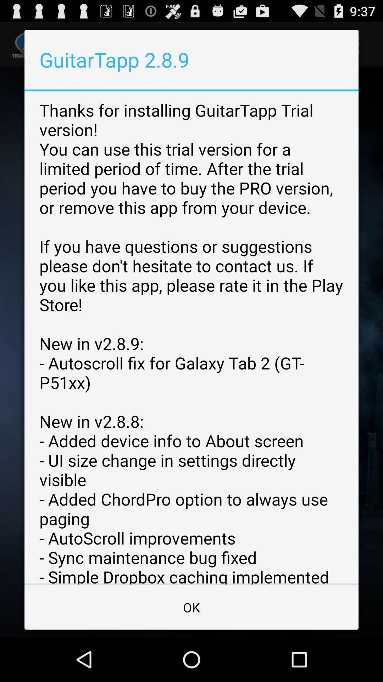 This screenshot has height=682, width=383. What do you see at coordinates (191, 607) in the screenshot?
I see `ok at the bottom` at bounding box center [191, 607].